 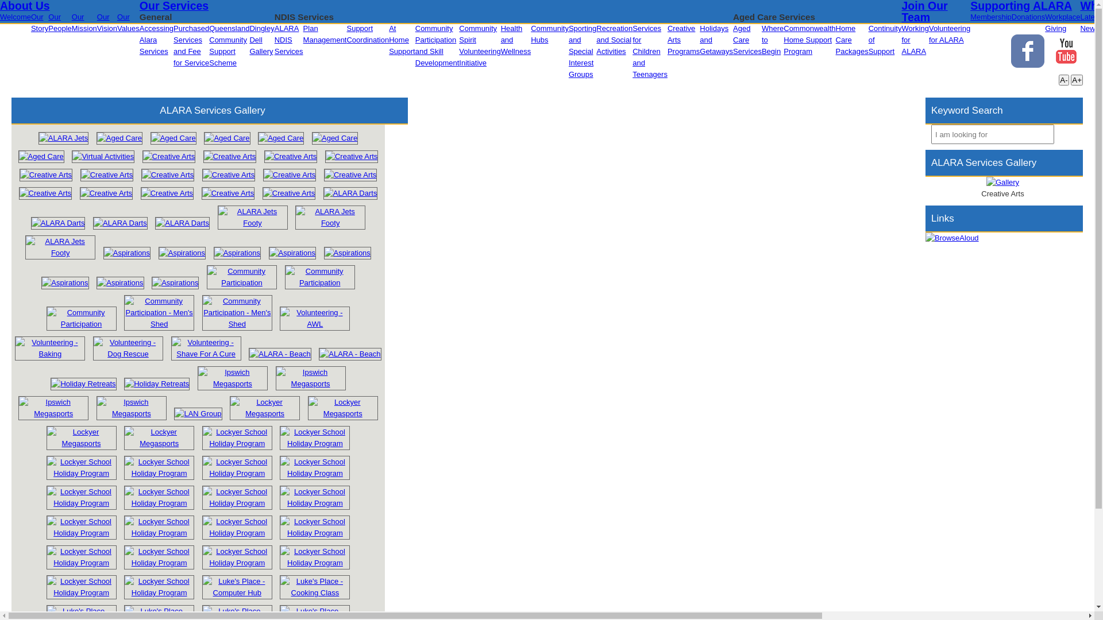 I want to click on 'Recreation and Social Activities', so click(x=596, y=39).